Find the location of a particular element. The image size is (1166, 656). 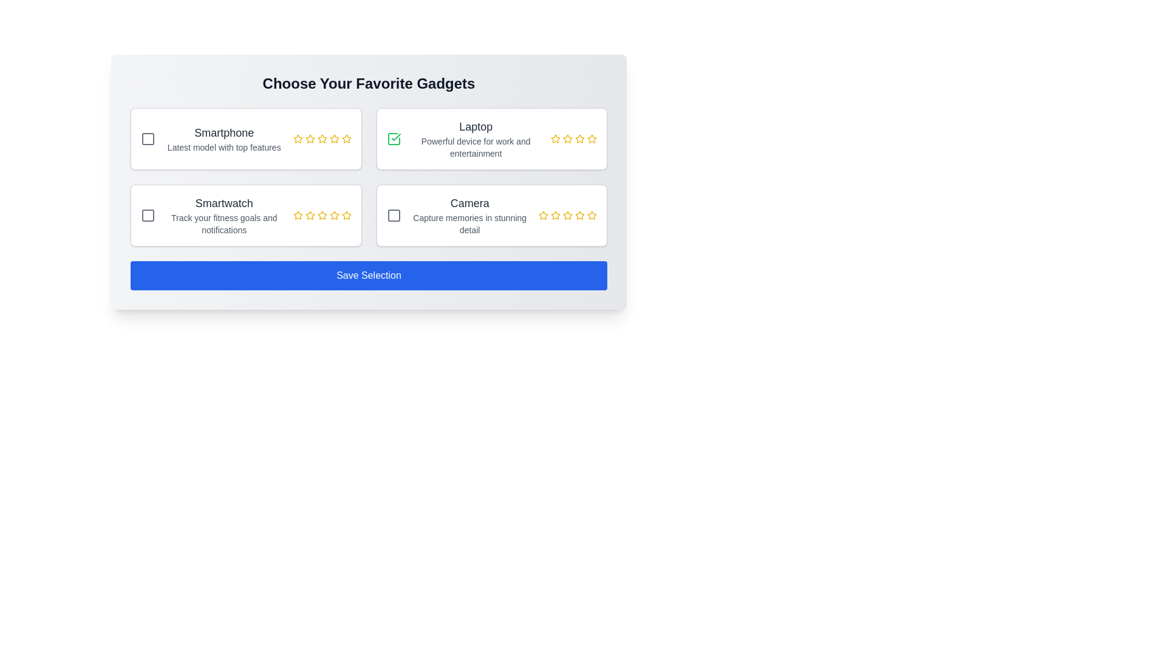

the third star in the rating system for the 'Smartwatch' selection to rate it is located at coordinates (310, 214).